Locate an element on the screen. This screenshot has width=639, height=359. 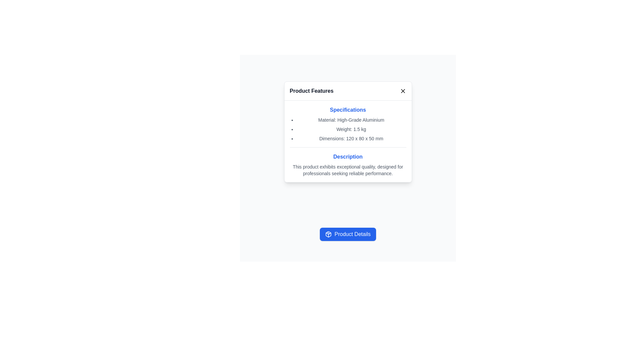
specifications and description from the structured informational panel titled 'Product Features' that presents detailed information about a product is located at coordinates (347, 141).